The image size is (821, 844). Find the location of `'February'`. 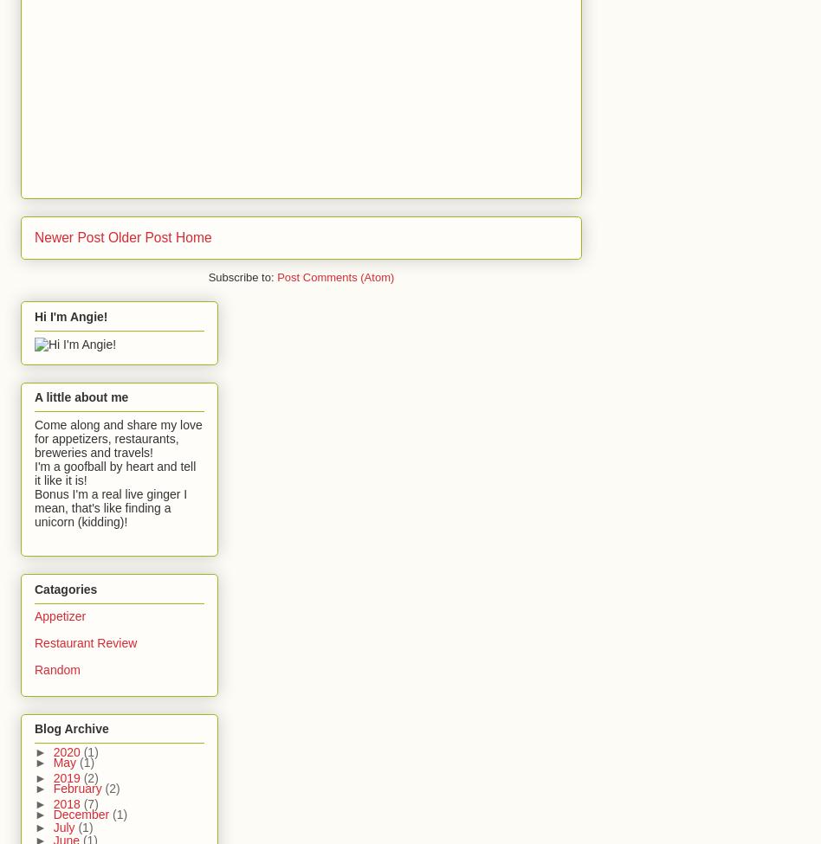

'February' is located at coordinates (52, 786).